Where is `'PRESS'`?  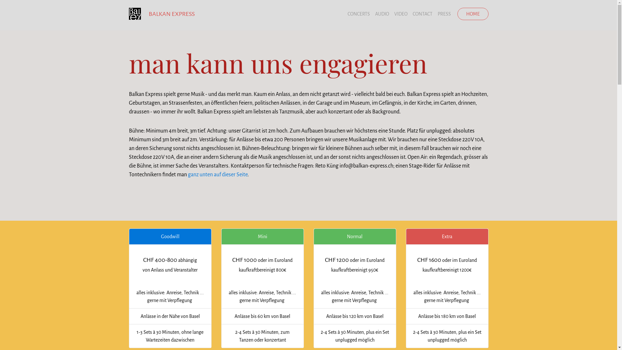
'PRESS' is located at coordinates (444, 14).